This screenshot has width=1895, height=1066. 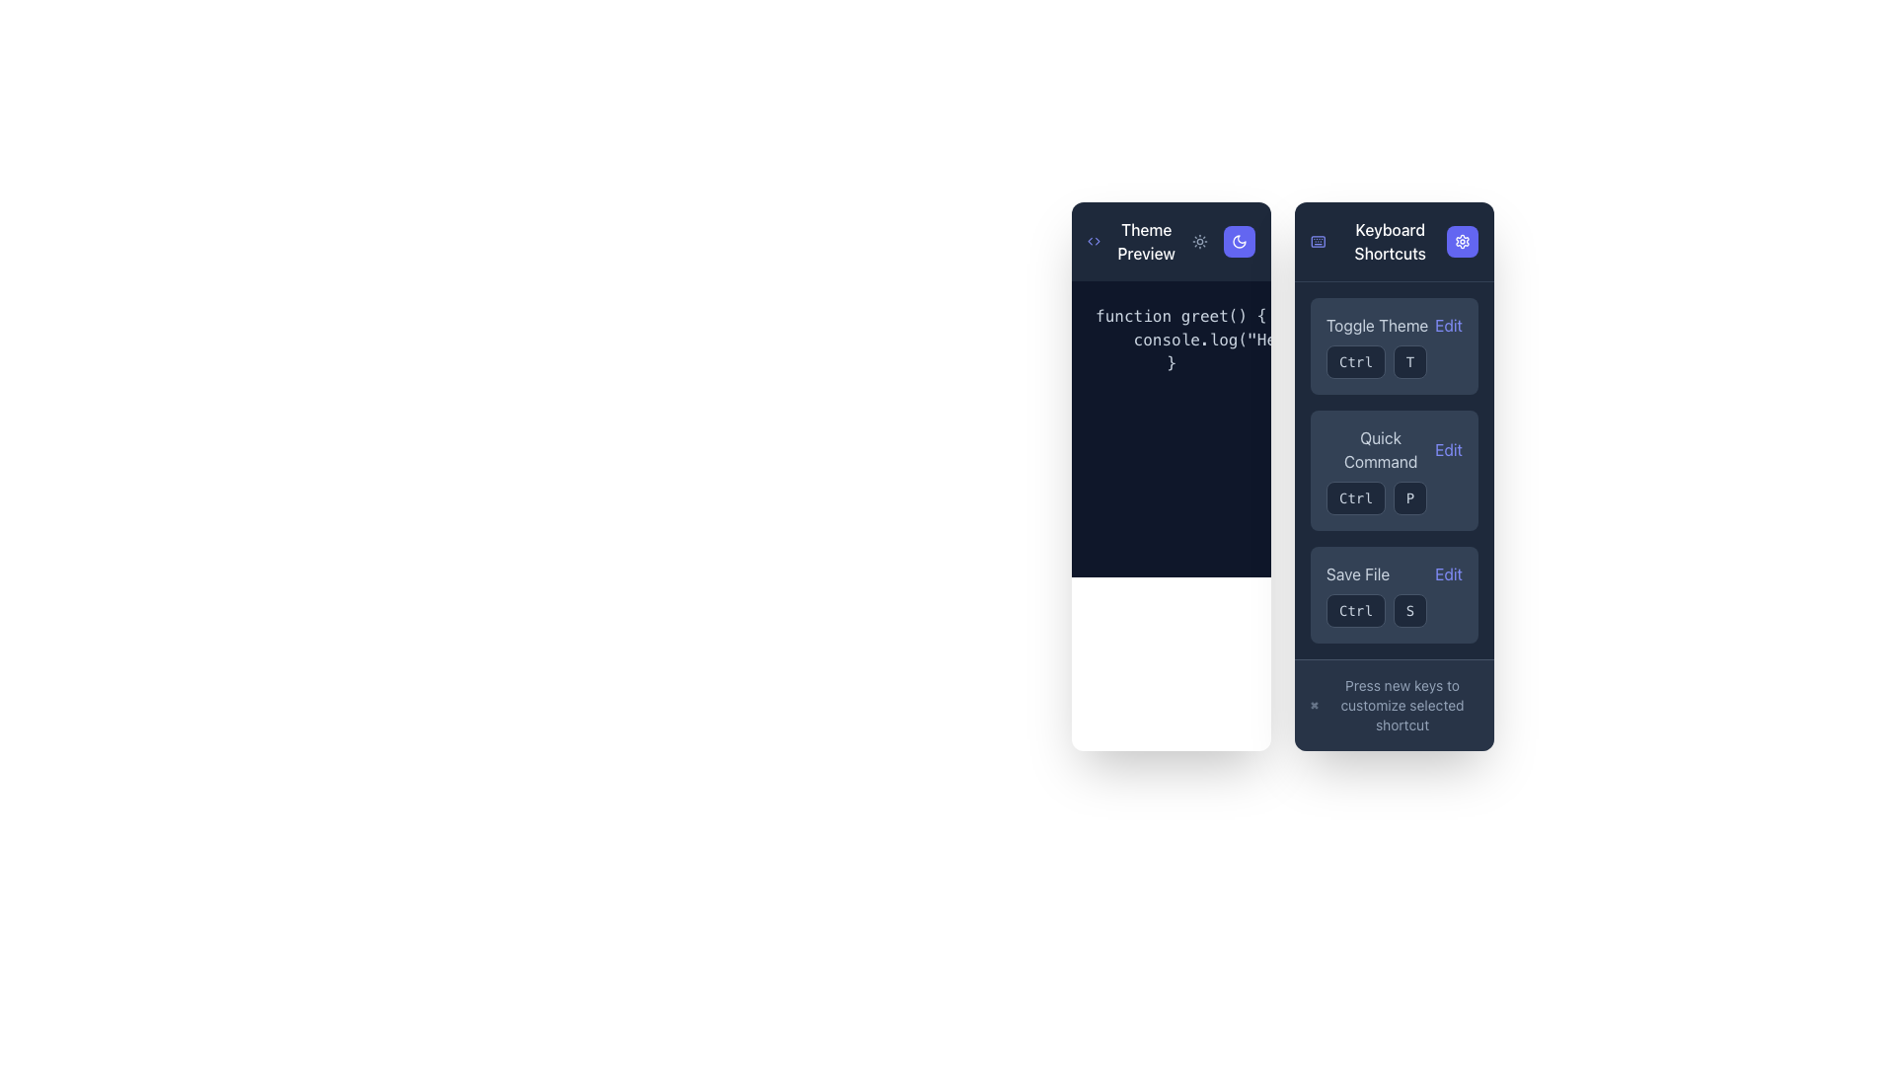 I want to click on the interactive link 'Edit' in the Text label, which is styled in indigo blue color and positioned between the 'Toggle Theme Edit' and 'Save File Edit' sections, so click(x=1393, y=449).